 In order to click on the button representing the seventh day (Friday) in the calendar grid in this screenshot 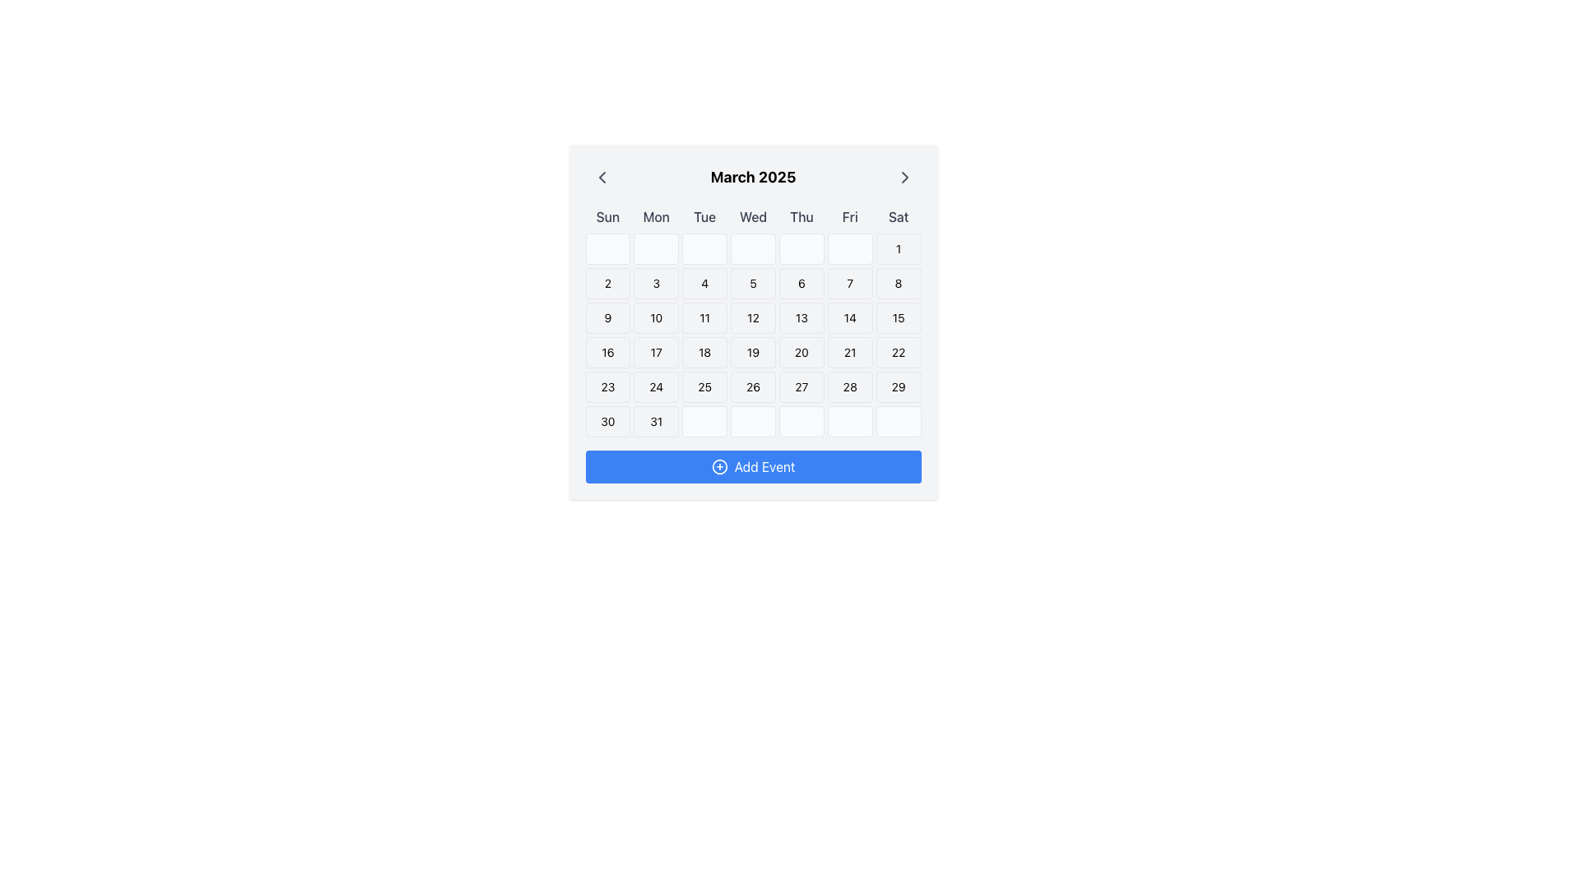, I will do `click(849, 282)`.